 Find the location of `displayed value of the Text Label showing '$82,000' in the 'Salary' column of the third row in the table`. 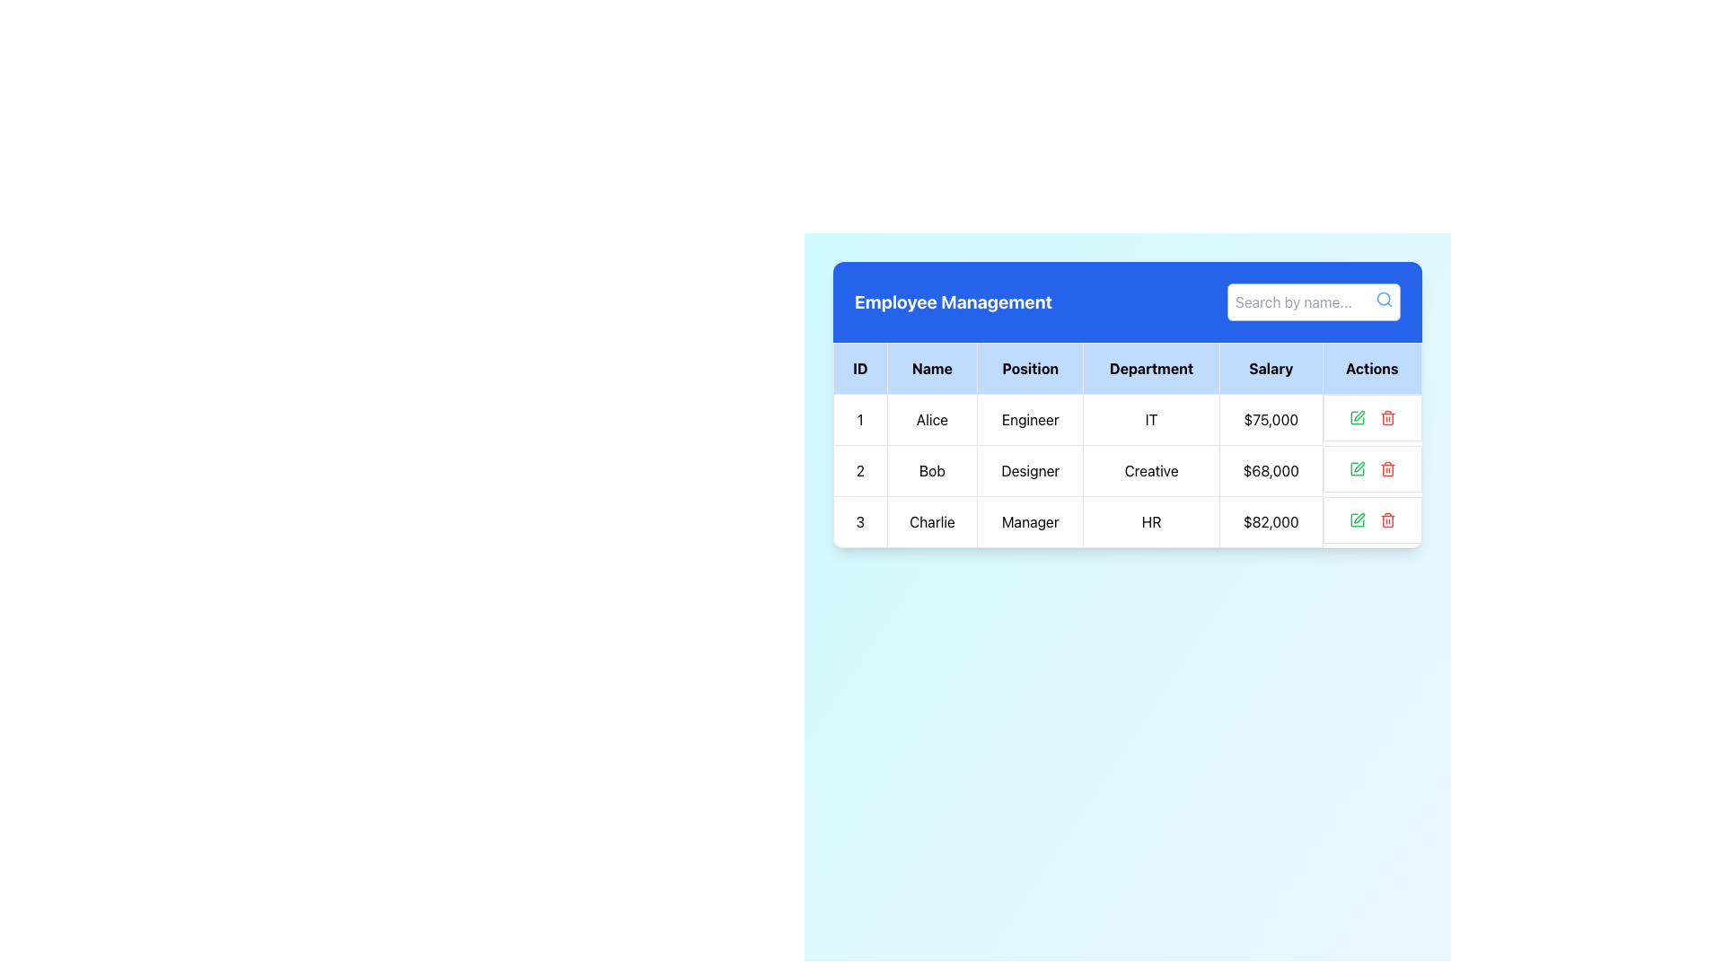

displayed value of the Text Label showing '$82,000' in the 'Salary' column of the third row in the table is located at coordinates (1270, 522).